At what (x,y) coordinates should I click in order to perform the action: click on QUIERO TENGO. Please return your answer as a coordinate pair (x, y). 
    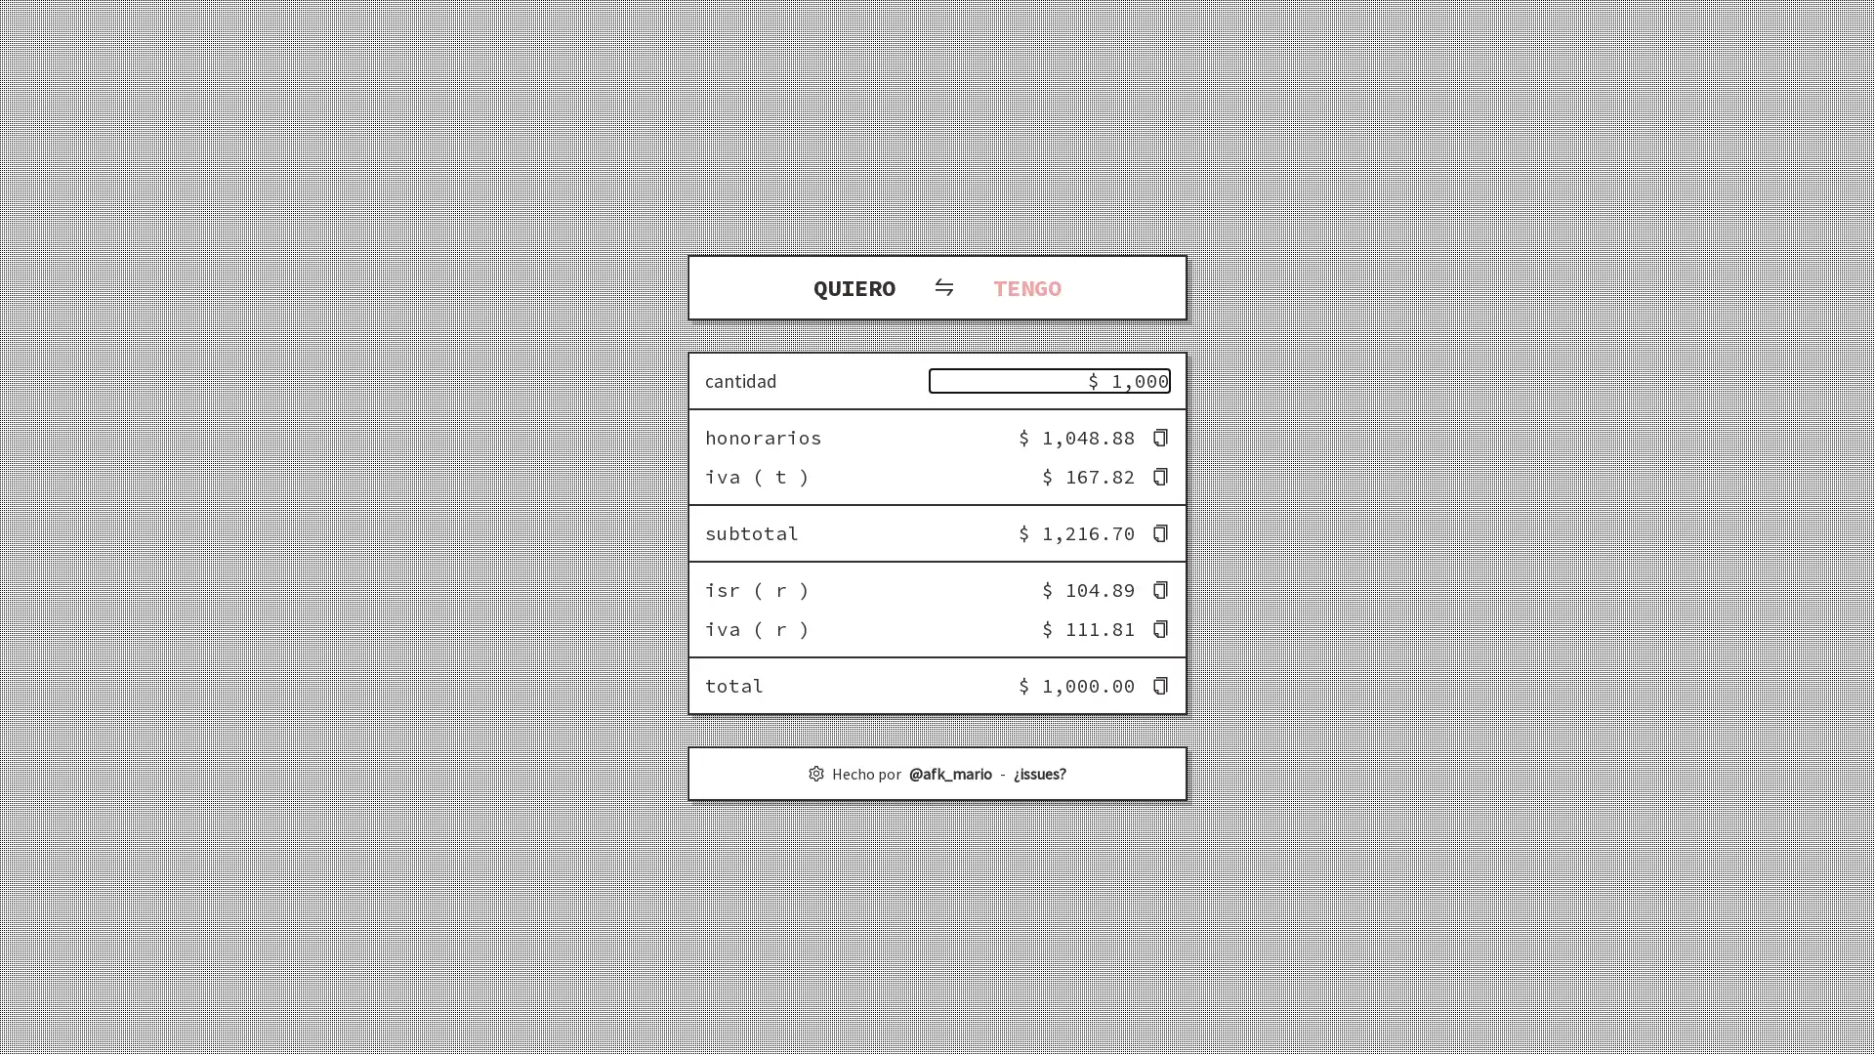
    Looking at the image, I should click on (937, 286).